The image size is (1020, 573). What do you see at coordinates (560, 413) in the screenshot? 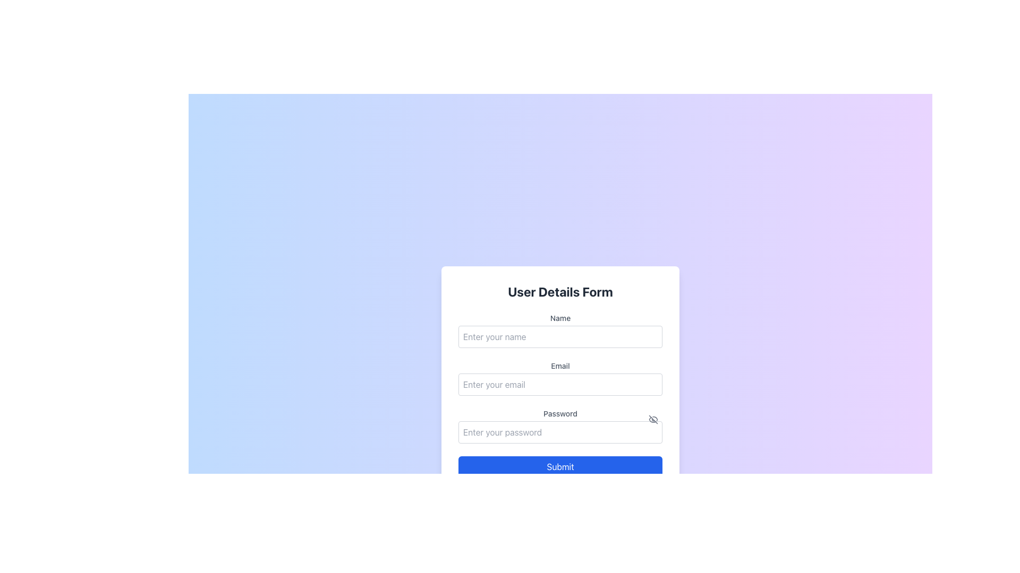
I see `the Text label that describes the password input field, located directly above the 'Enter your password' input field in the form` at bounding box center [560, 413].